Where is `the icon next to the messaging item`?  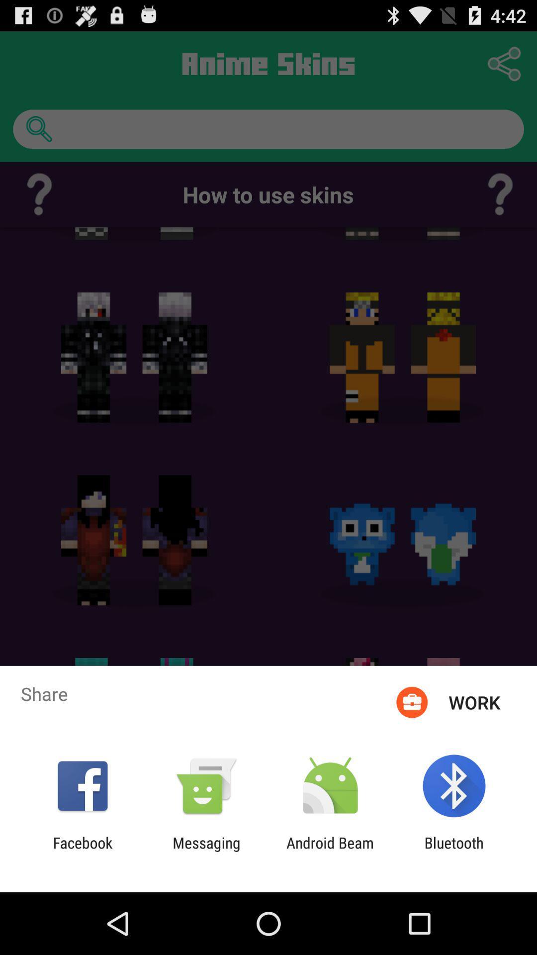
the icon next to the messaging item is located at coordinates (330, 851).